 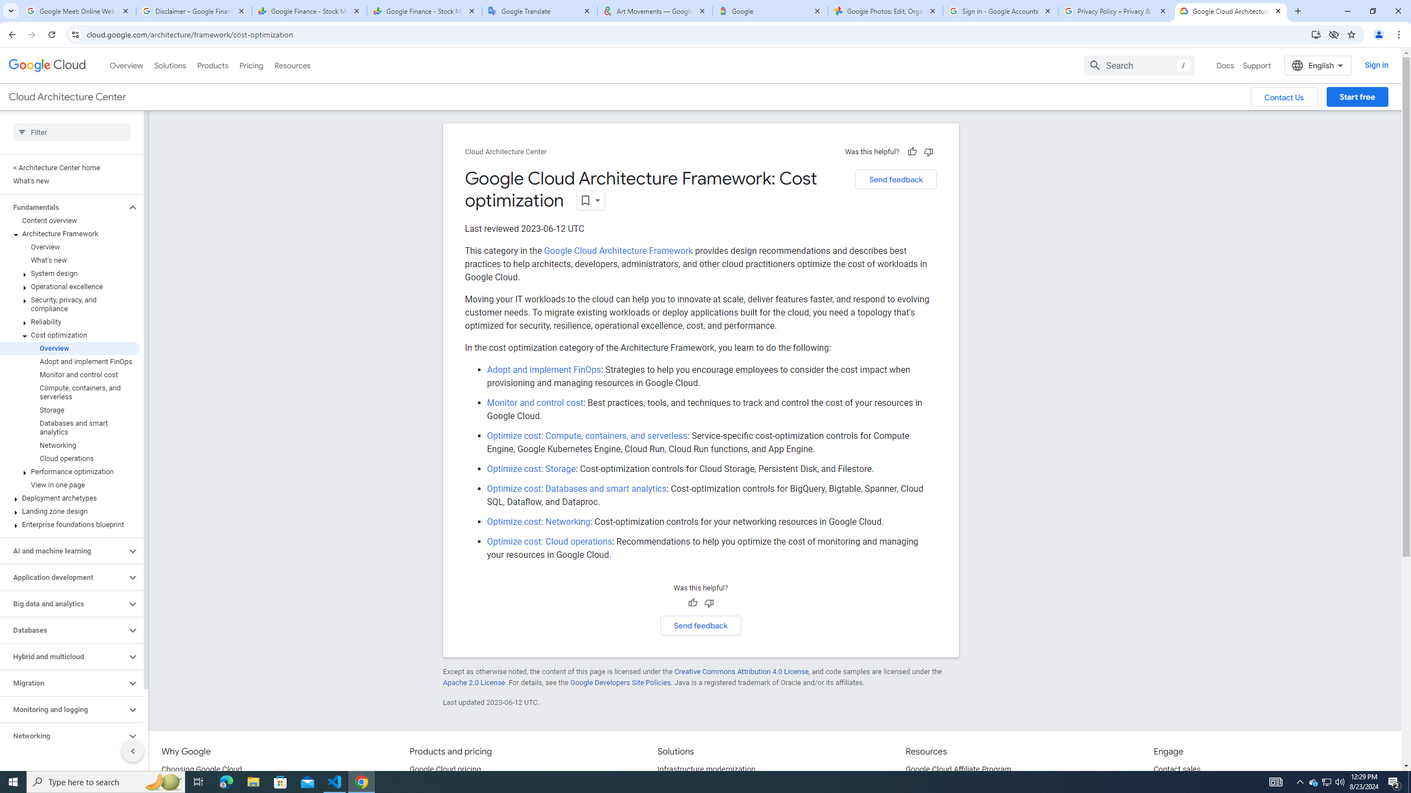 What do you see at coordinates (958, 769) in the screenshot?
I see `'Google Cloud Affiliate Program'` at bounding box center [958, 769].